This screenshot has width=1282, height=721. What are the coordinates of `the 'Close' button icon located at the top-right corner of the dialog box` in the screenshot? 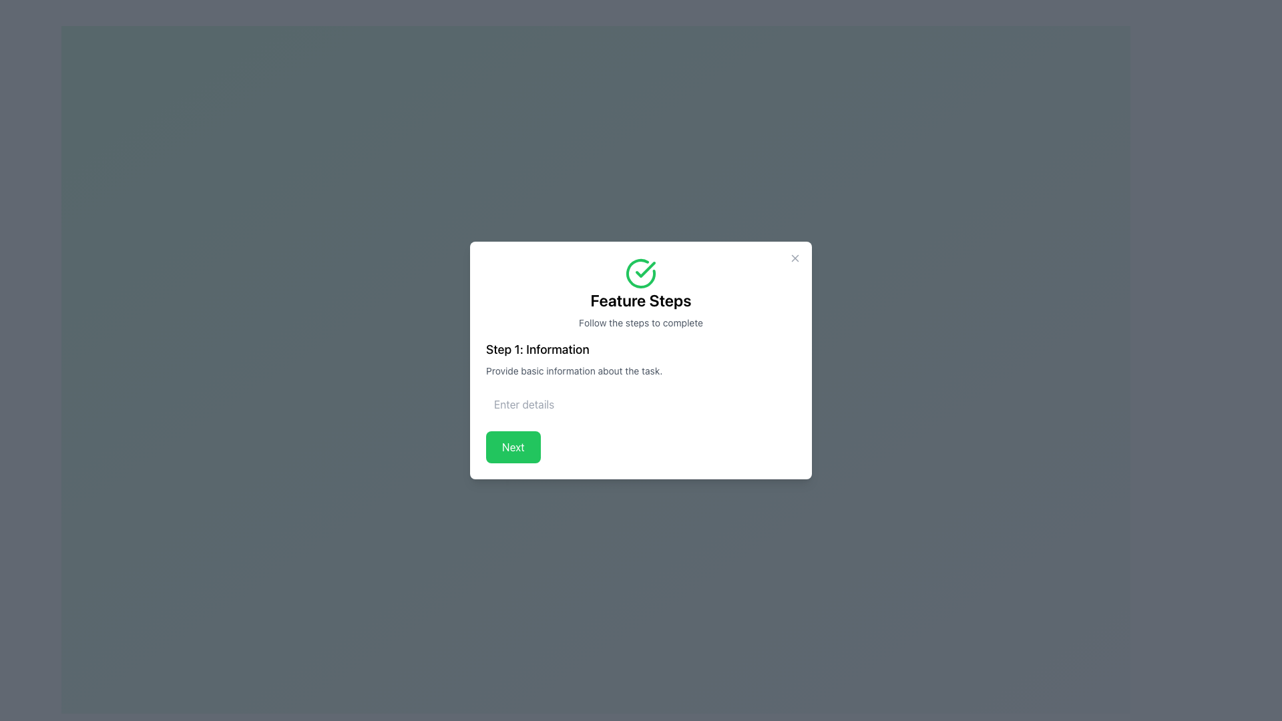 It's located at (795, 258).